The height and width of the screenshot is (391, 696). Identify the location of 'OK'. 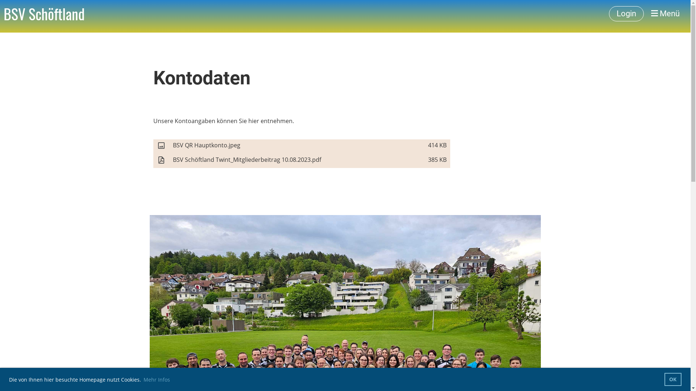
(672, 379).